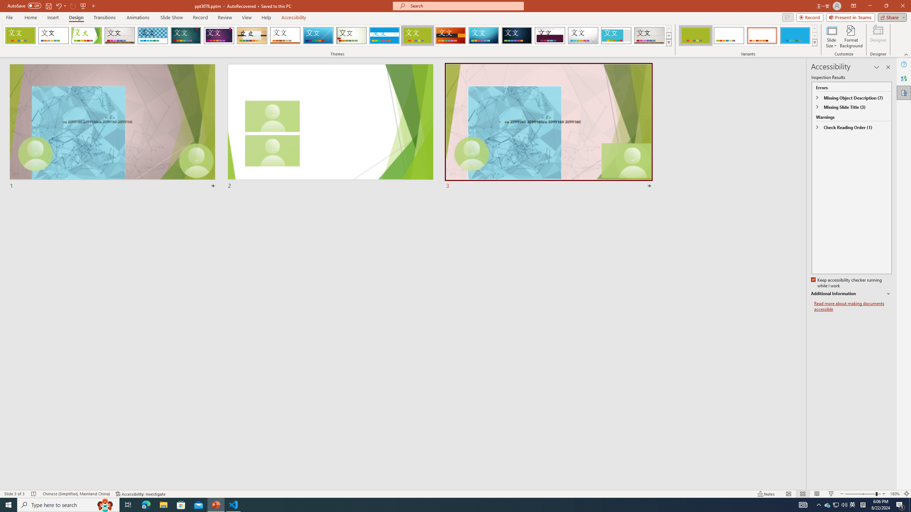 Image resolution: width=911 pixels, height=512 pixels. I want to click on 'Ion Boardroom', so click(219, 35).